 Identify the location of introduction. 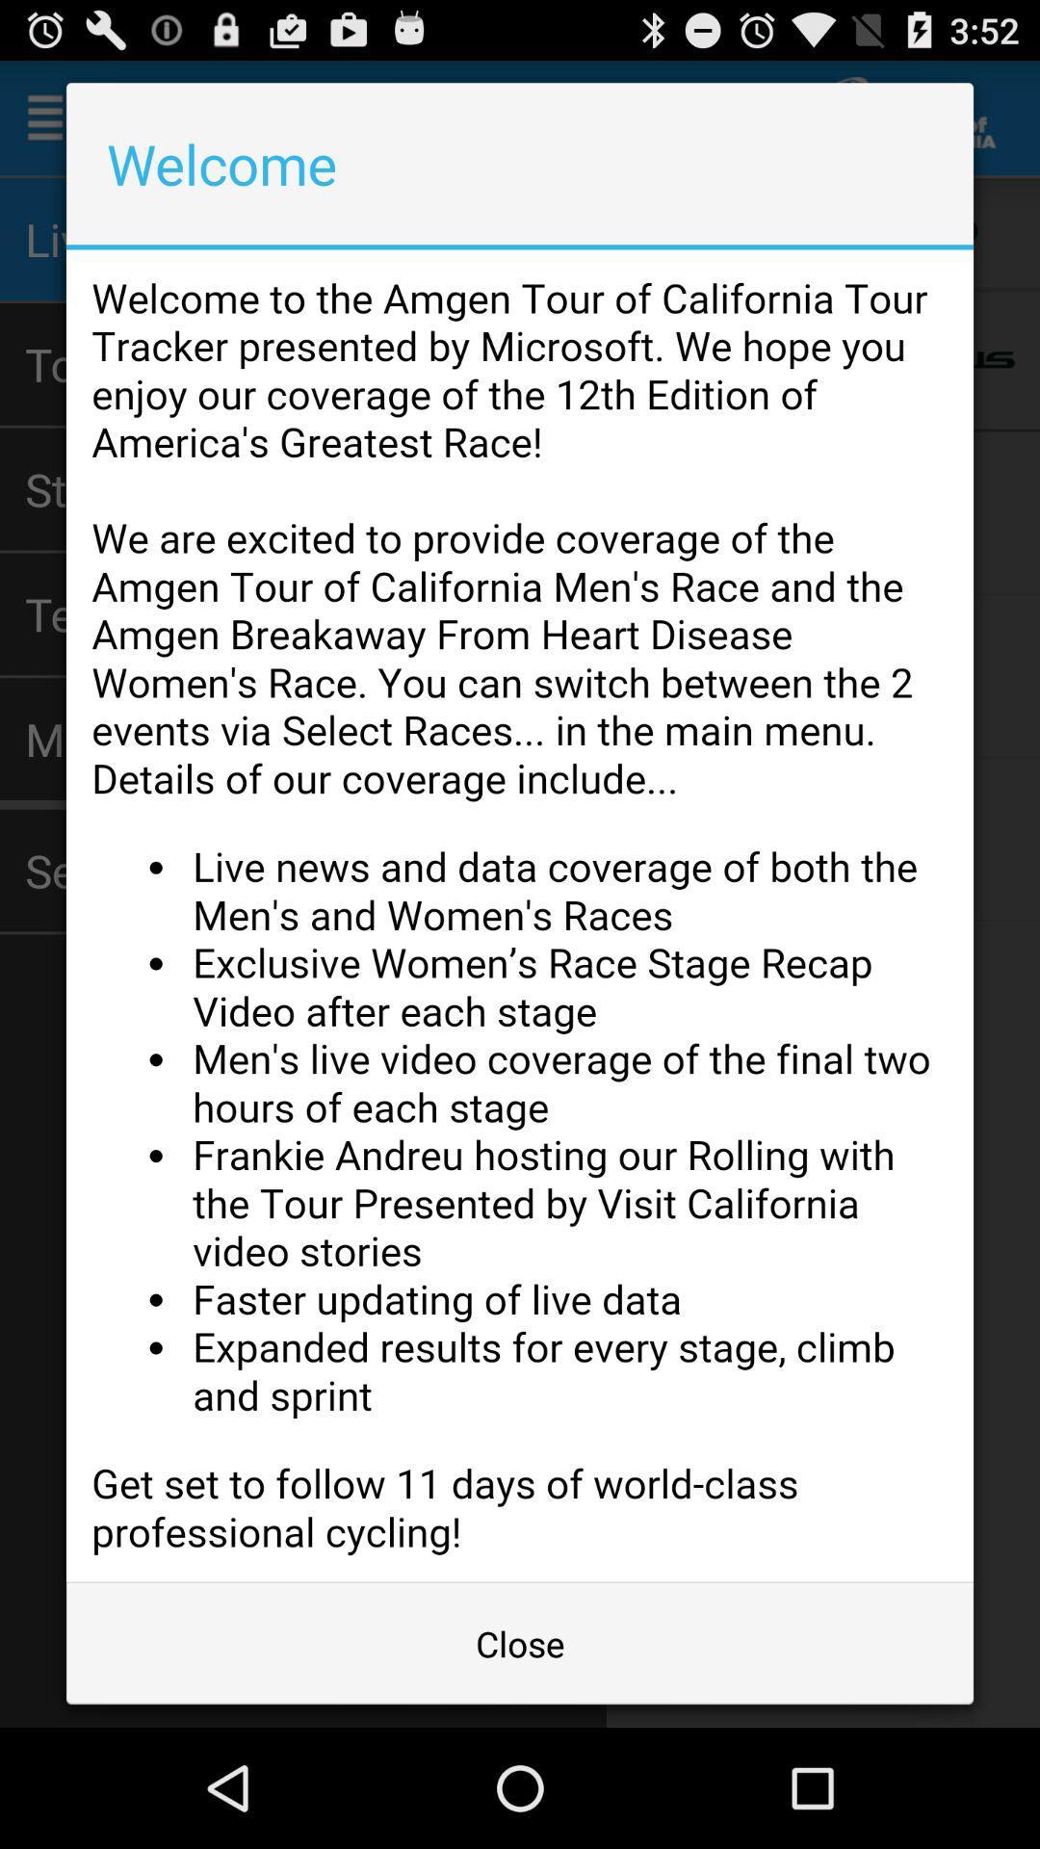
(520, 914).